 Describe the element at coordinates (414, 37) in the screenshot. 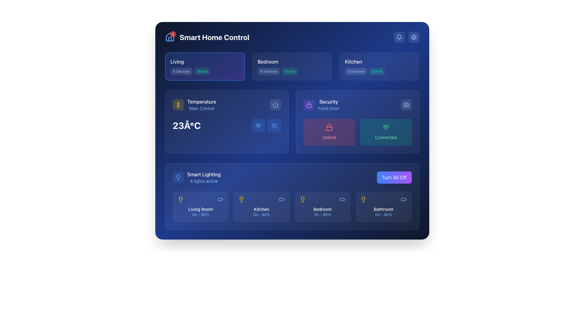

I see `the settings icon button located` at that location.